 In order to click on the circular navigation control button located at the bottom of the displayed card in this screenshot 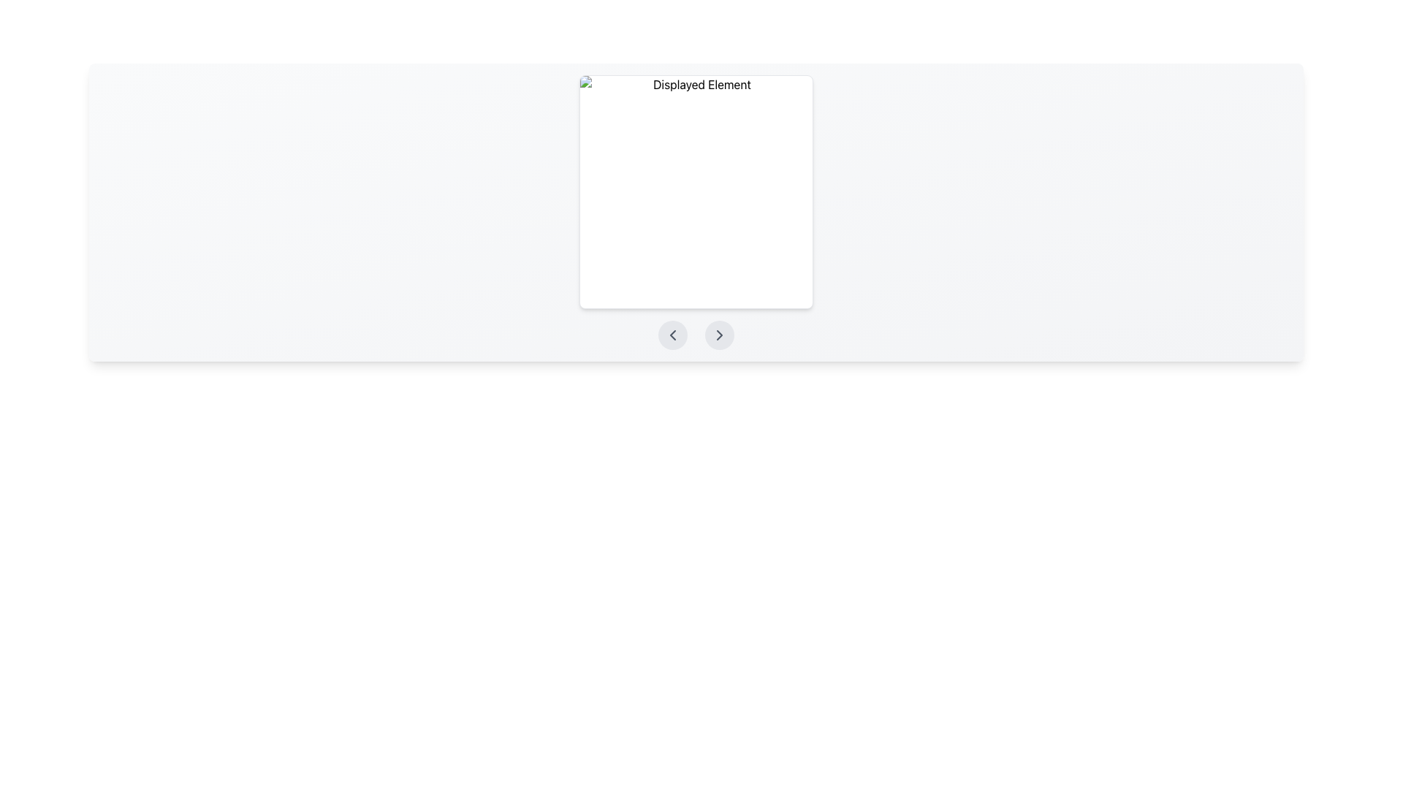, I will do `click(672, 335)`.